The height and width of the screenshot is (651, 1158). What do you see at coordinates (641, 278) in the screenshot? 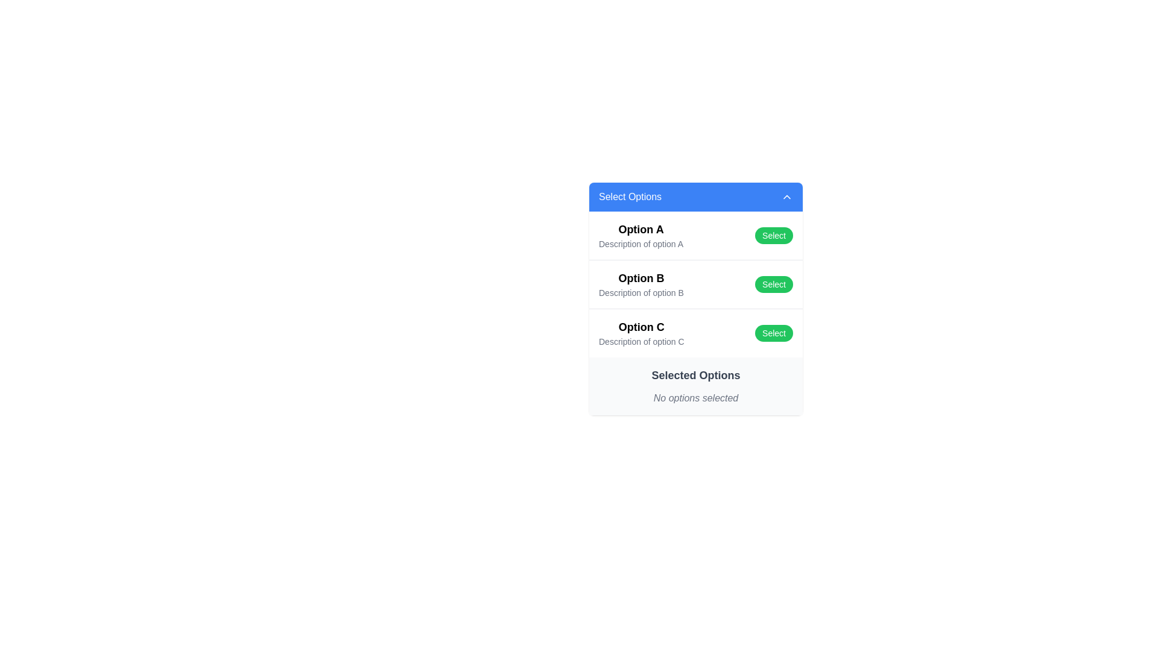
I see `the text label reading 'Option B' which is styled with a larger font size and bold typeface in the center column of the card layout` at bounding box center [641, 278].